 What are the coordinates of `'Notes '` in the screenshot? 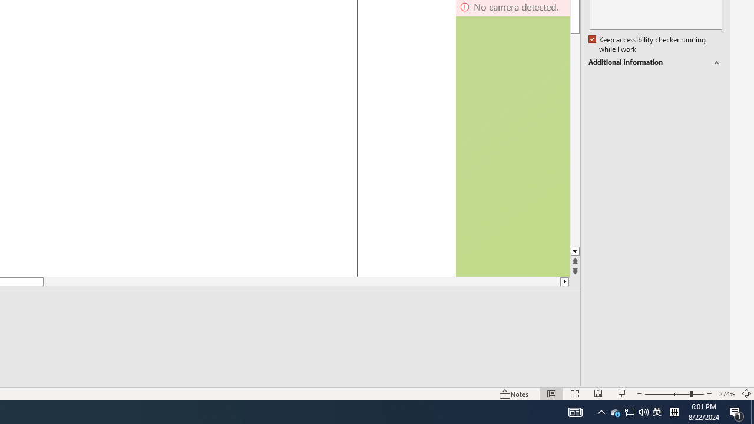 It's located at (515, 394).